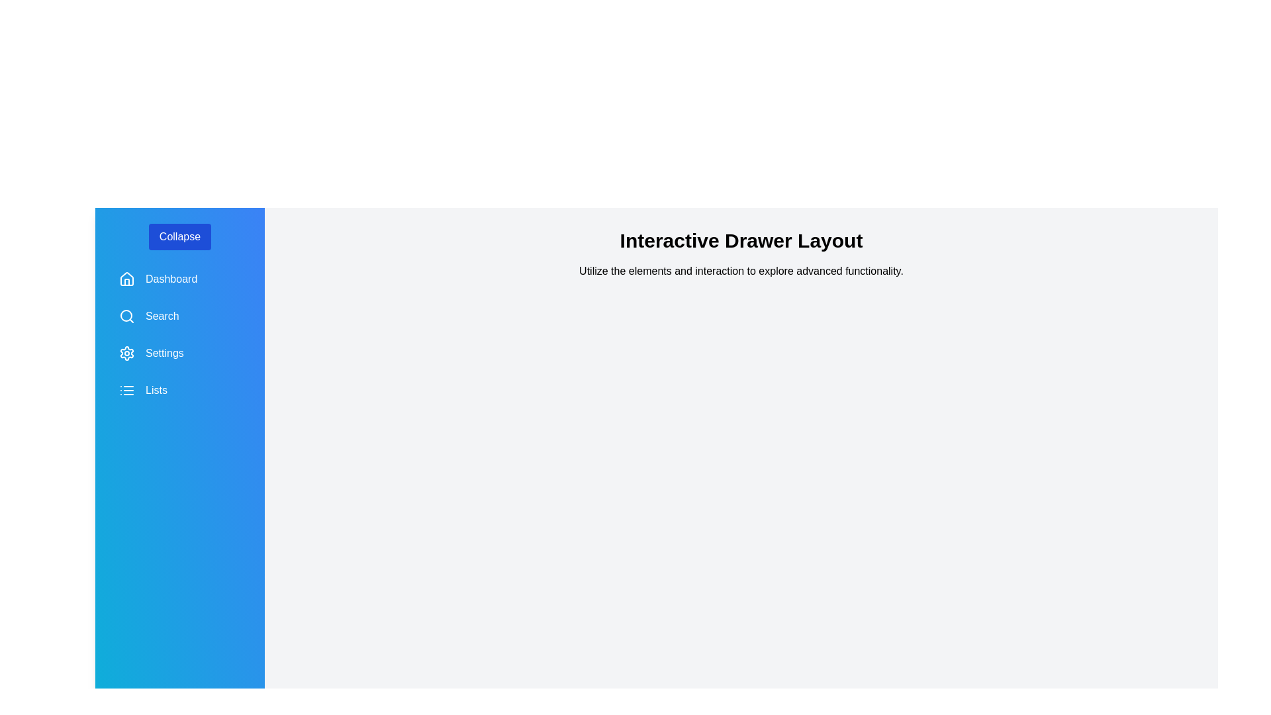 This screenshot has height=715, width=1271. Describe the element at coordinates (179, 278) in the screenshot. I see `the menu item labeled Dashboard to navigate to its respective section` at that location.